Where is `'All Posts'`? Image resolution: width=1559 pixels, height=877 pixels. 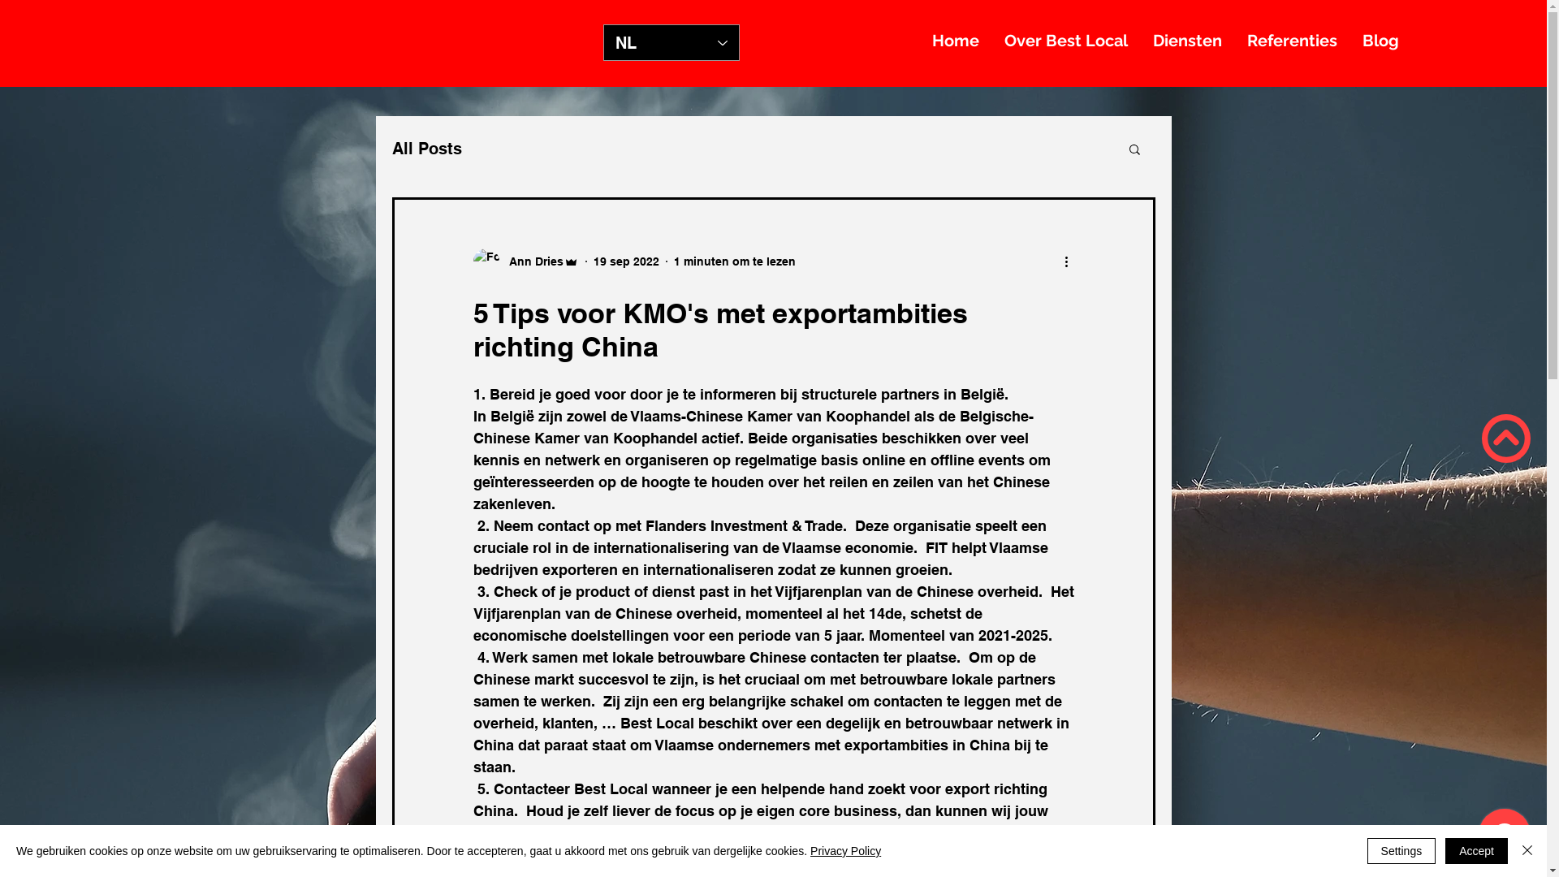
'All Posts' is located at coordinates (425, 148).